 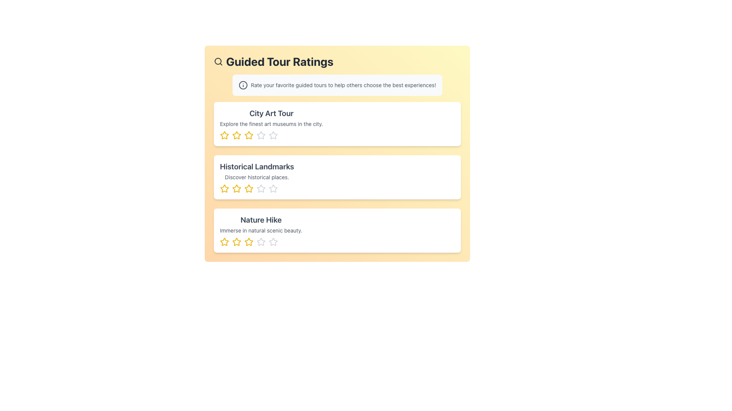 I want to click on the third star in the rating system for the 'Historical Landmarks' section to set the rating level, so click(x=249, y=188).